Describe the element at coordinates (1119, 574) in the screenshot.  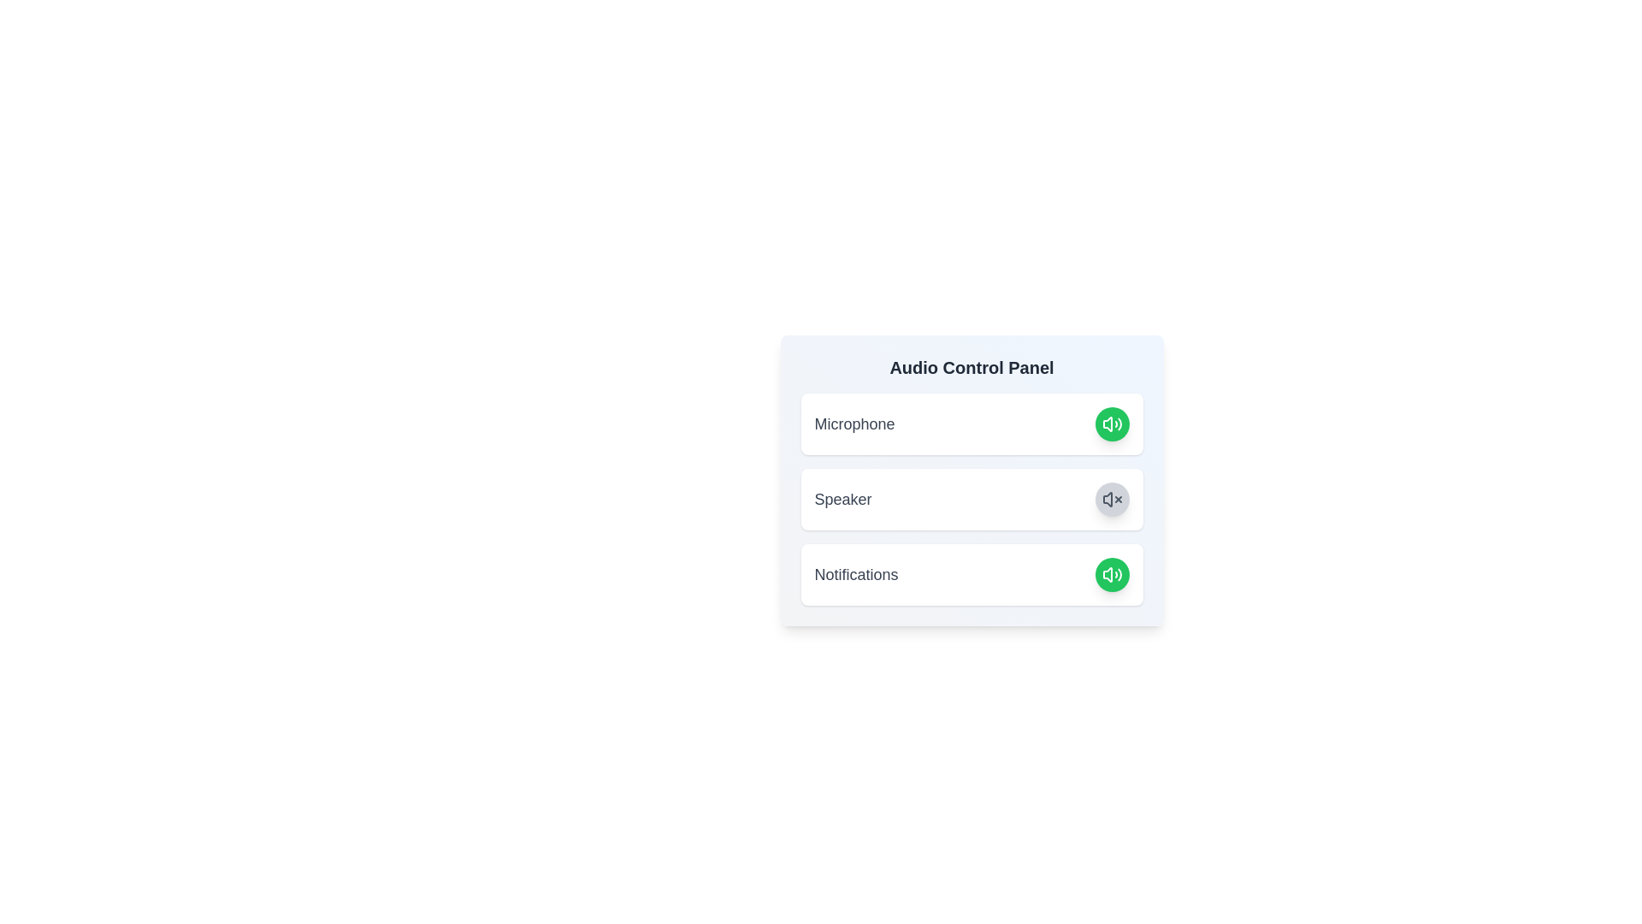
I see `properties of the audio wave icon fragment located at the right end of the Notifications row in the Audio Control Panel` at that location.